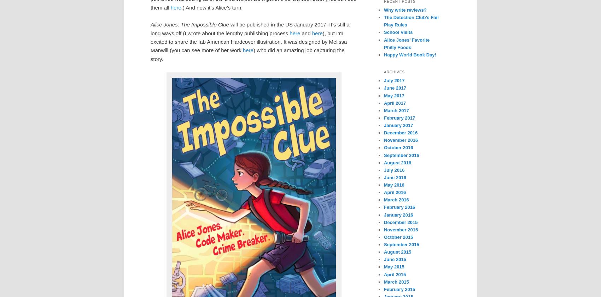 The image size is (601, 297). Describe the element at coordinates (399, 207) in the screenshot. I see `'February 2016'` at that location.